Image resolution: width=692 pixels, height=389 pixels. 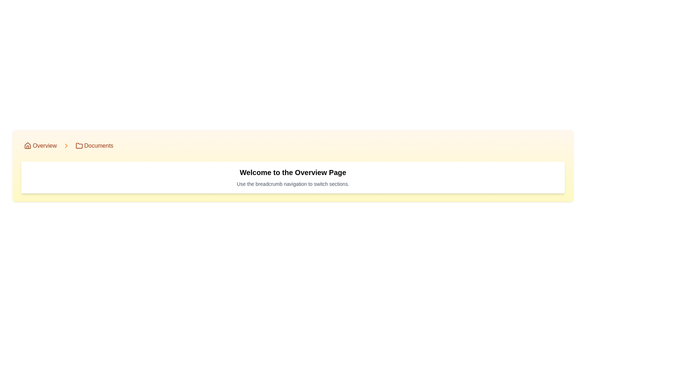 I want to click on the stylized house icon located in the breadcrumb navigation bar at the top left of the interface, which precedes the text 'Overview', so click(x=27, y=146).